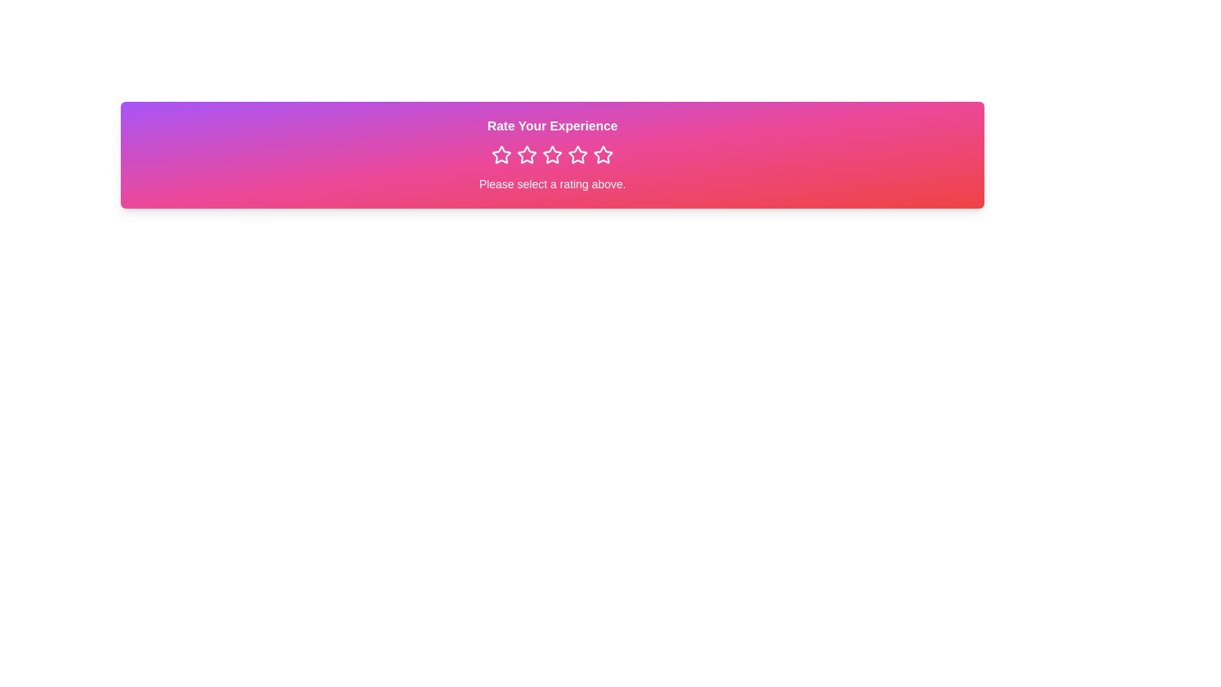 This screenshot has width=1221, height=687. Describe the element at coordinates (527, 154) in the screenshot. I see `the second rating star icon to provide feedback, which is located below the 'Rate Your Experience' text and above the 'Please select a rating above' text` at that location.